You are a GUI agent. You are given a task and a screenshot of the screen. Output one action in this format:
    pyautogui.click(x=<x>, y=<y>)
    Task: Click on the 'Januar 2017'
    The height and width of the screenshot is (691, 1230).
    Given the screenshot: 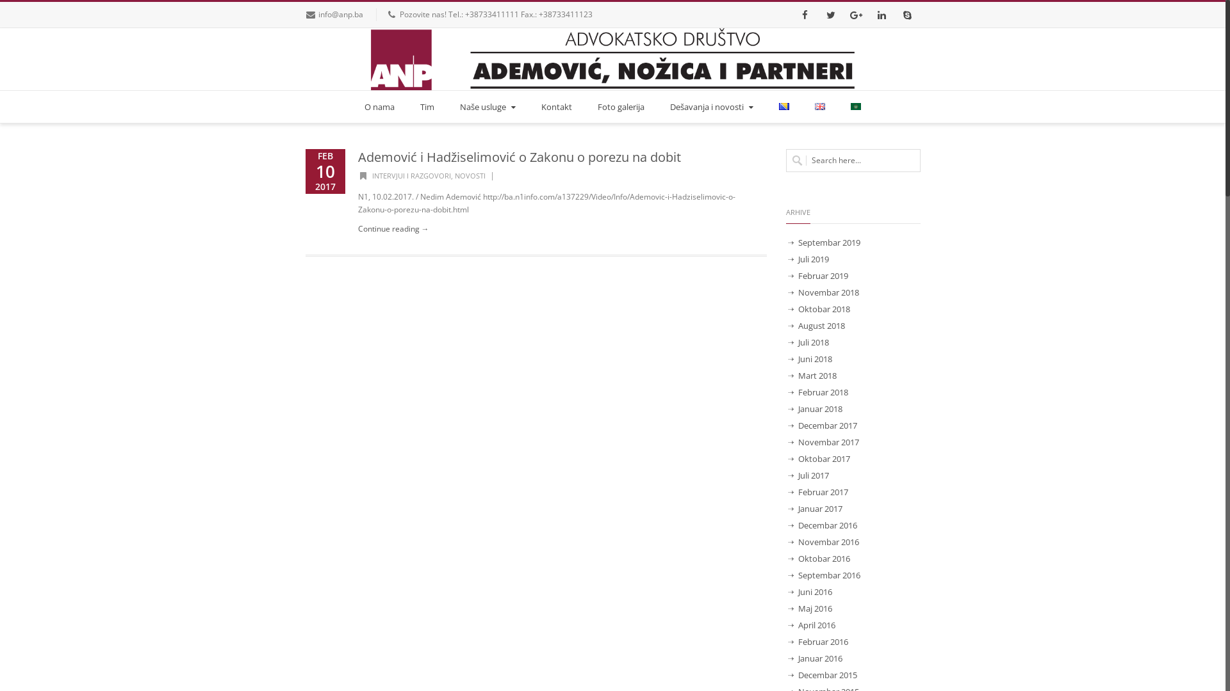 What is the action you would take?
    pyautogui.click(x=787, y=507)
    